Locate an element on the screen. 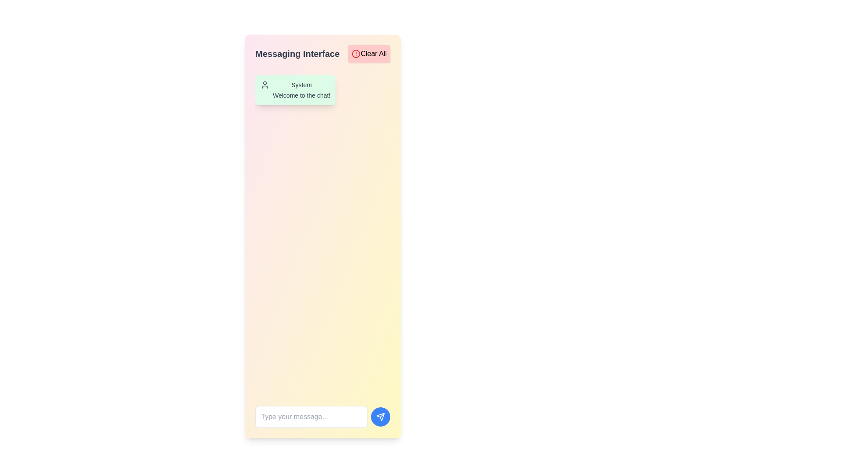  the heading element labeled 'Messaging Interface', which is positioned to the left of 'Clear All' at the top of the main panel is located at coordinates (297, 54).